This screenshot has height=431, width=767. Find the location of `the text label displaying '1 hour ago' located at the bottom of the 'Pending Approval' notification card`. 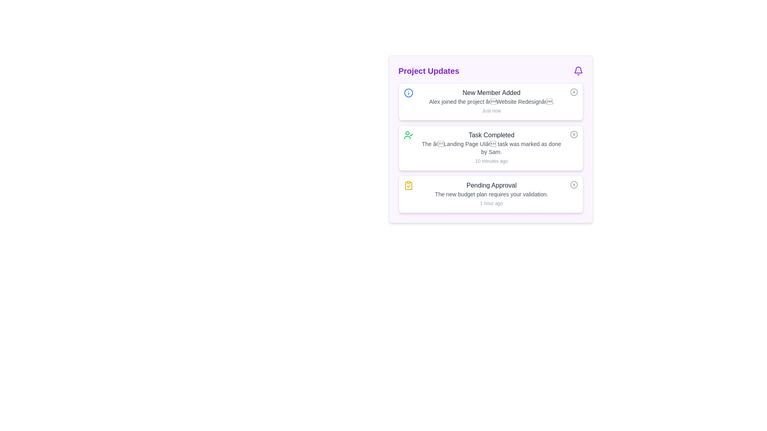

the text label displaying '1 hour ago' located at the bottom of the 'Pending Approval' notification card is located at coordinates (491, 203).